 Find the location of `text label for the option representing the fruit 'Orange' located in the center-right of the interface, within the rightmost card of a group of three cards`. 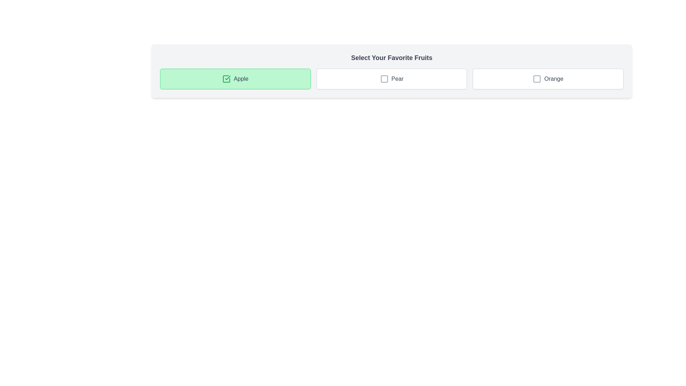

text label for the option representing the fruit 'Orange' located in the center-right of the interface, within the rightmost card of a group of three cards is located at coordinates (553, 79).